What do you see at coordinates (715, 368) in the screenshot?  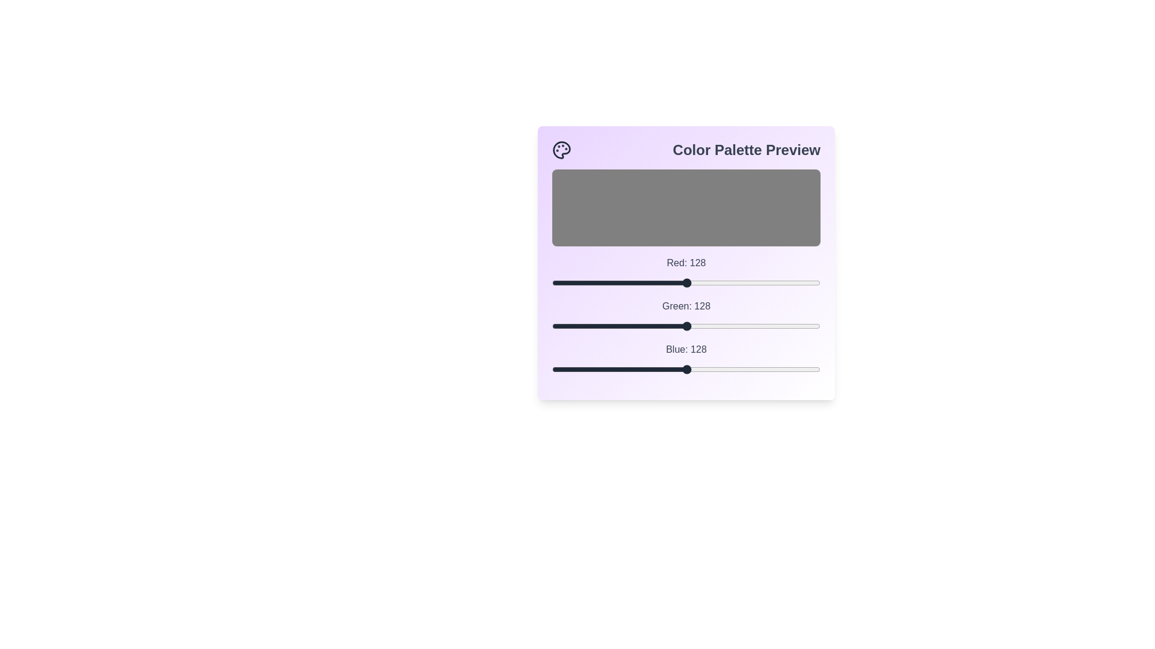 I see `the blue color value` at bounding box center [715, 368].